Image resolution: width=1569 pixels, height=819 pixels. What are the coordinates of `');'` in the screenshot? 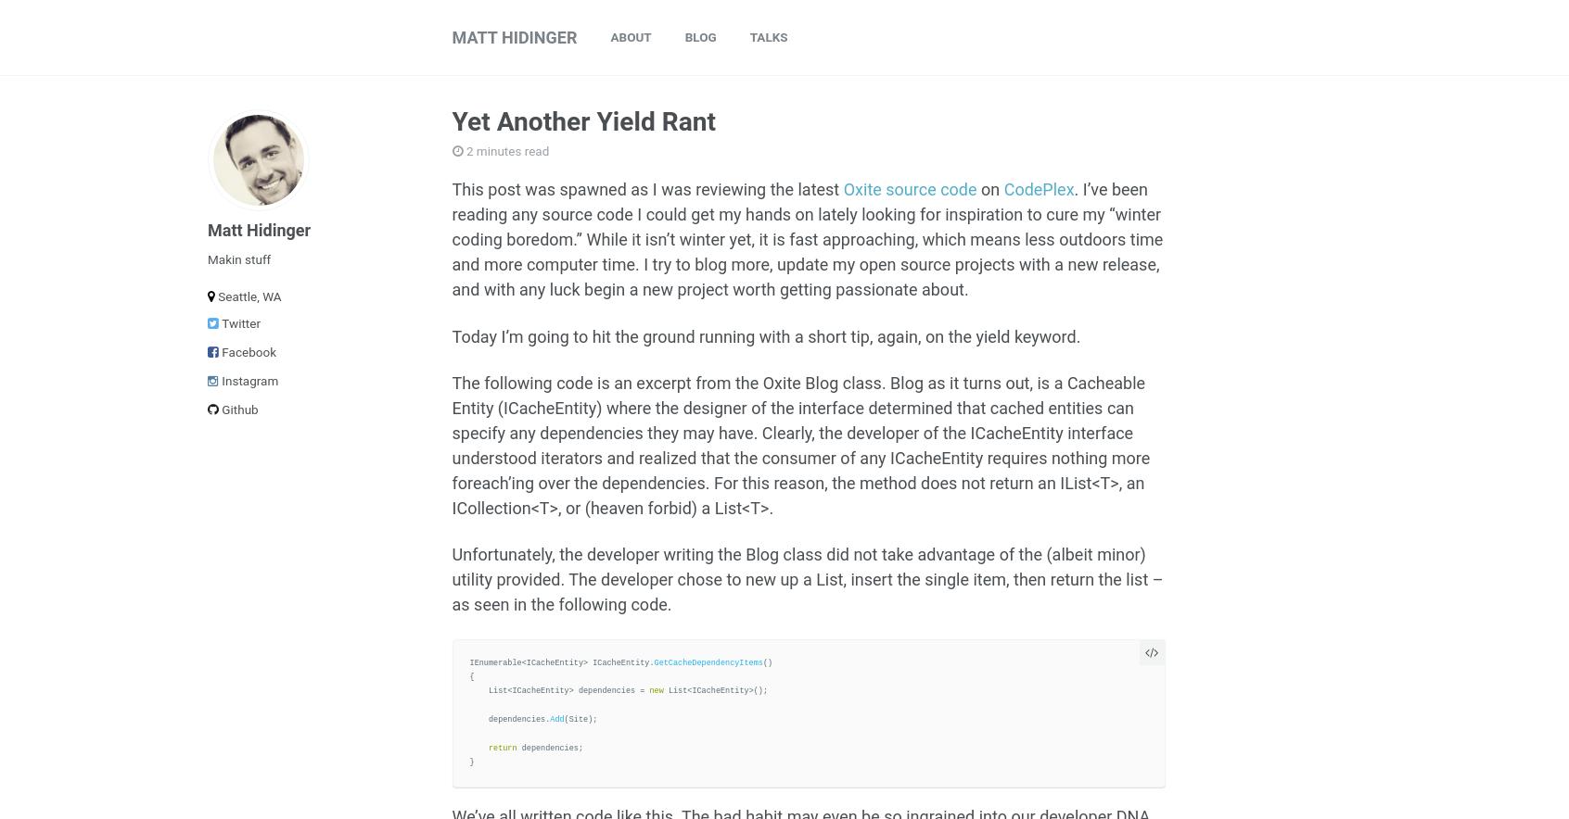 It's located at (586, 719).